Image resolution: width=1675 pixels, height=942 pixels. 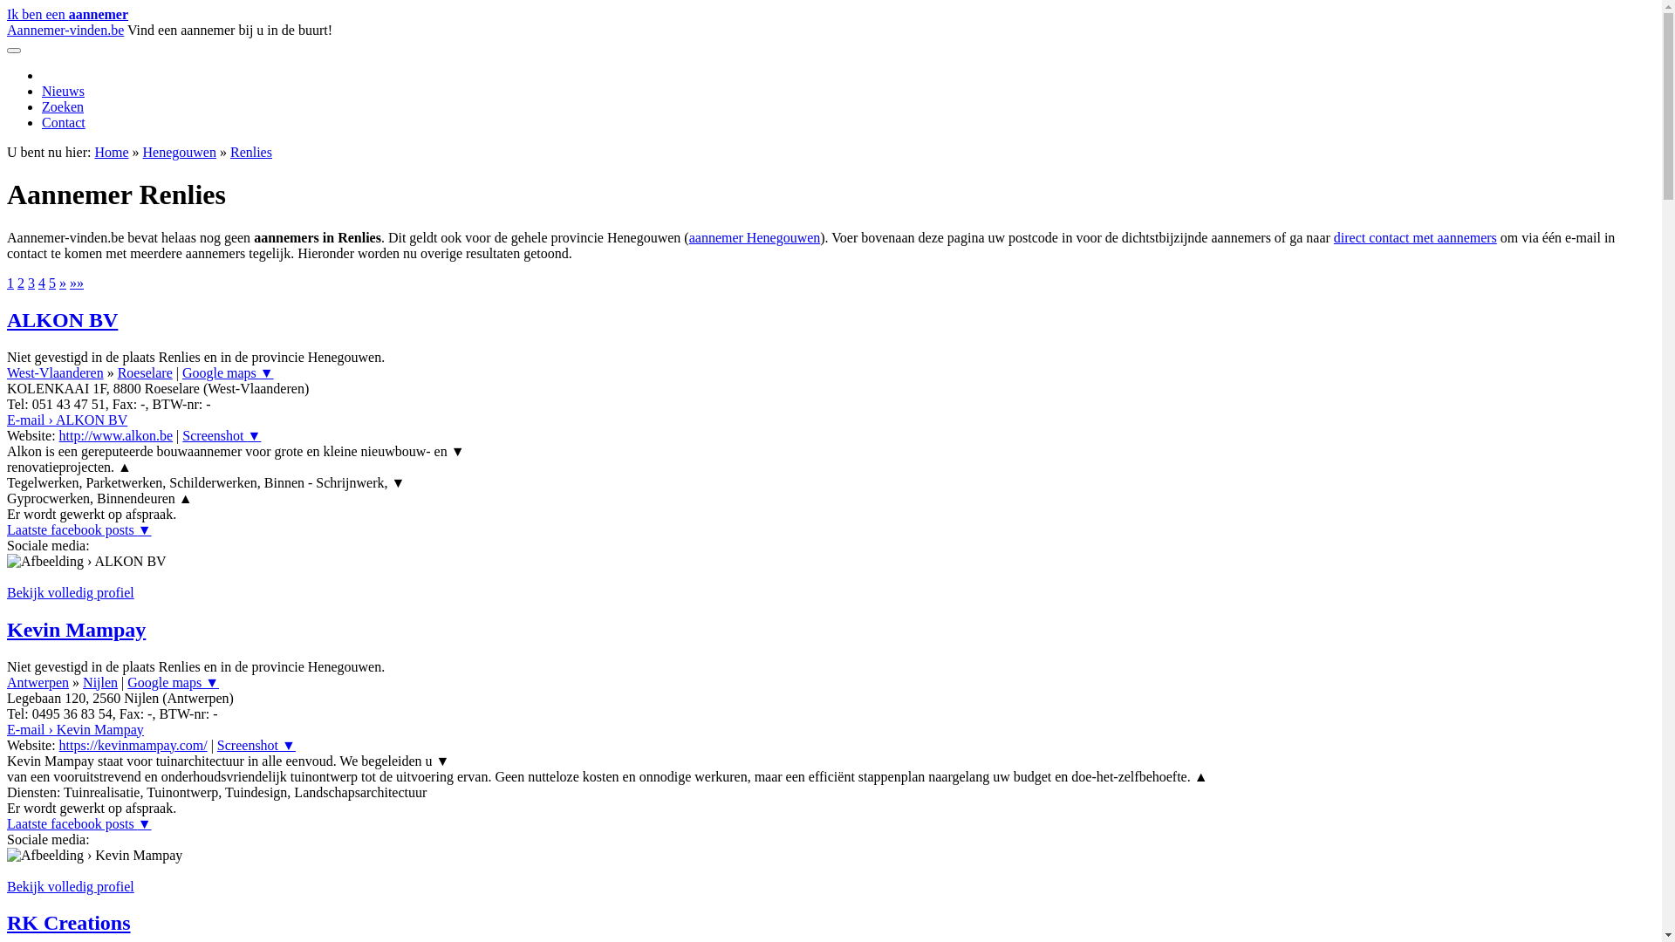 What do you see at coordinates (250, 151) in the screenshot?
I see `'Renlies'` at bounding box center [250, 151].